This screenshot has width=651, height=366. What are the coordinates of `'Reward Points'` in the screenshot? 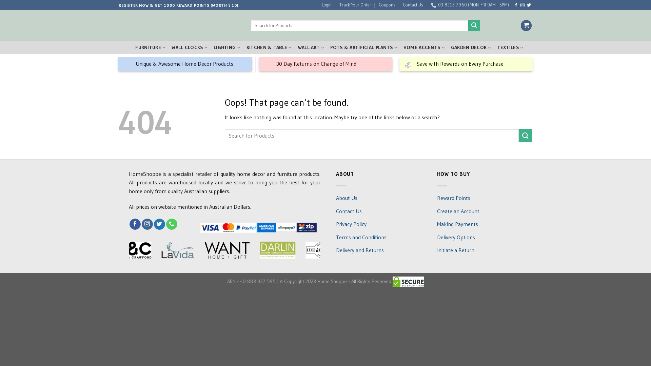 It's located at (453, 198).